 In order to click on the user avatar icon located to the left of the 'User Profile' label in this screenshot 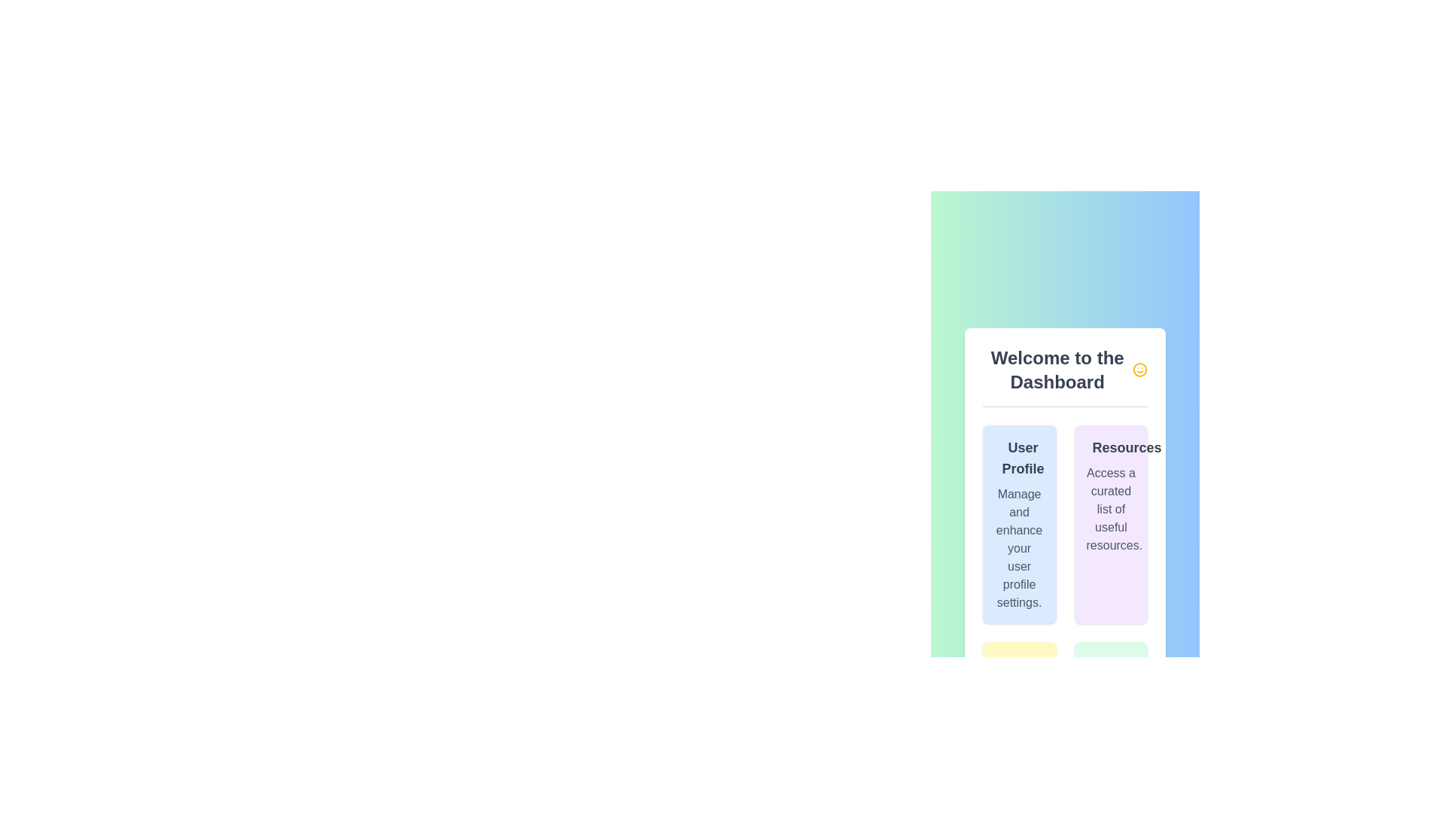, I will do `click(995, 457)`.